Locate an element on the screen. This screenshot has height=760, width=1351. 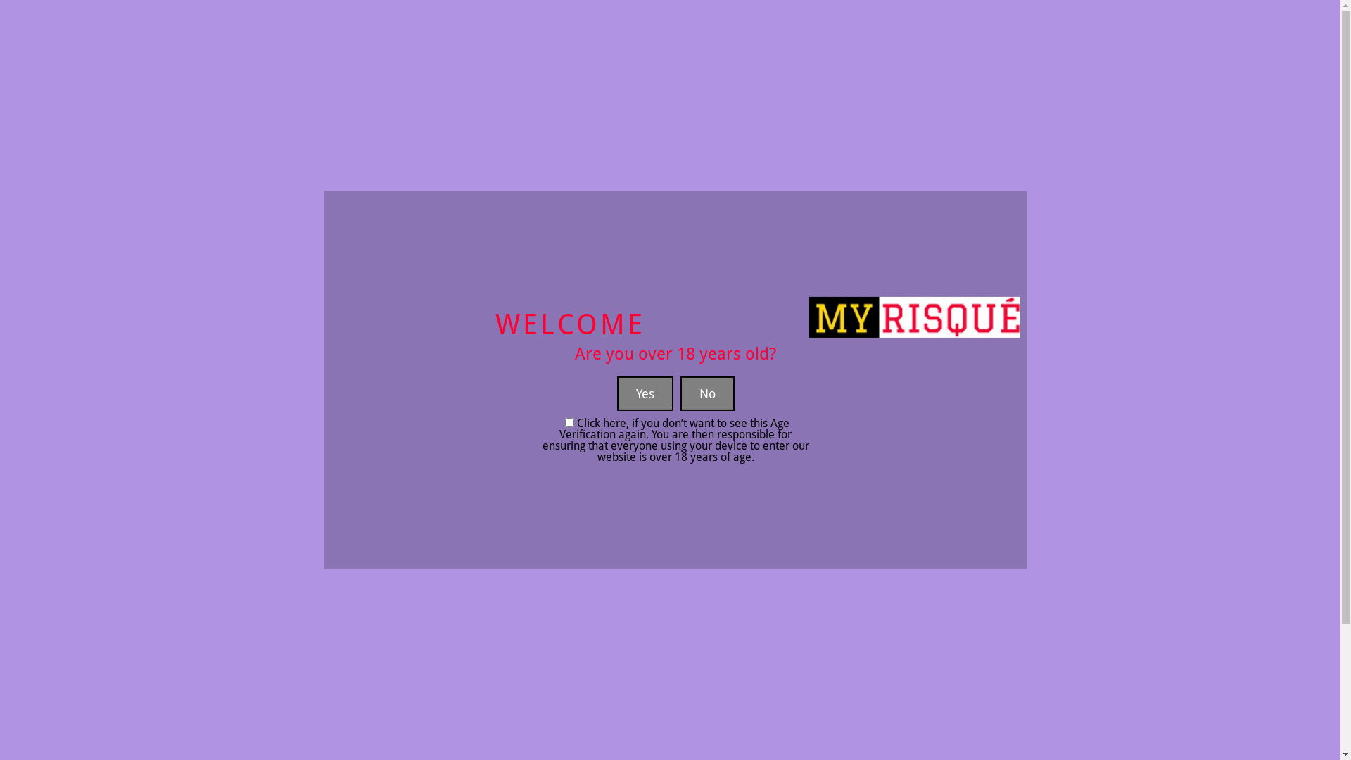
'No' is located at coordinates (706, 393).